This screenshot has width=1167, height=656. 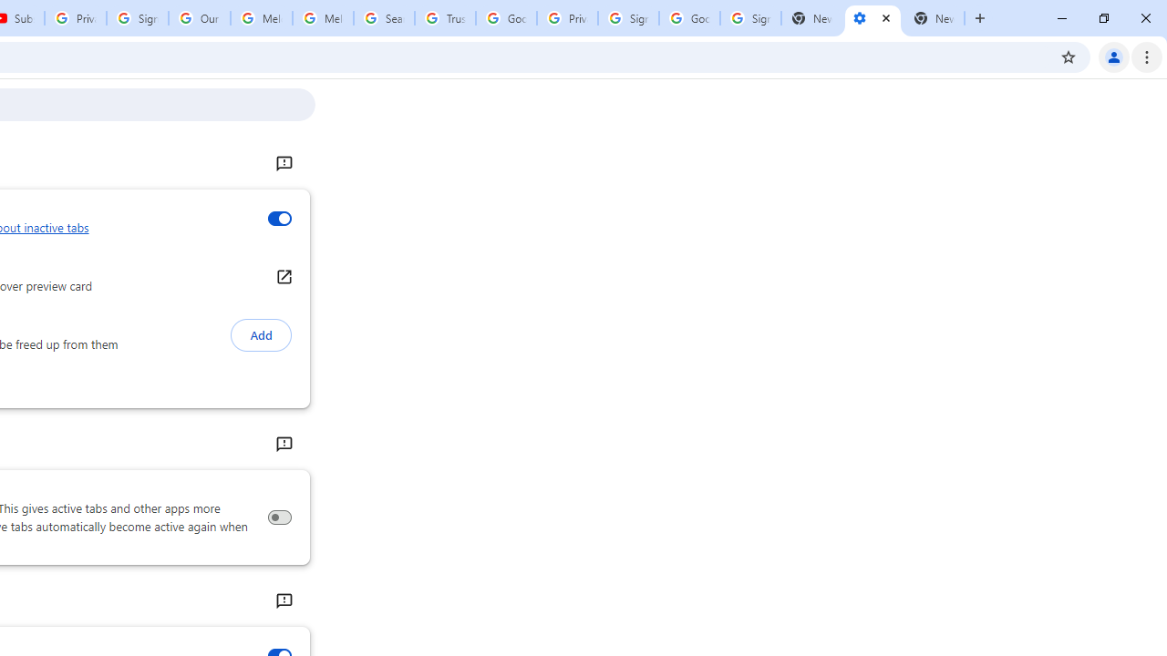 I want to click on 'Search our Doodle Library Collection - Google Doodles', so click(x=383, y=18).